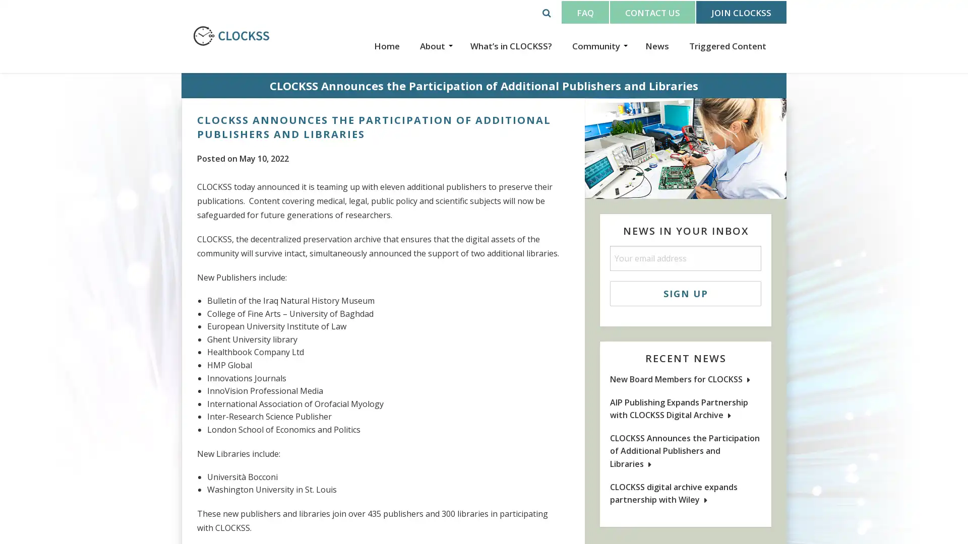  I want to click on Sign up, so click(685, 293).